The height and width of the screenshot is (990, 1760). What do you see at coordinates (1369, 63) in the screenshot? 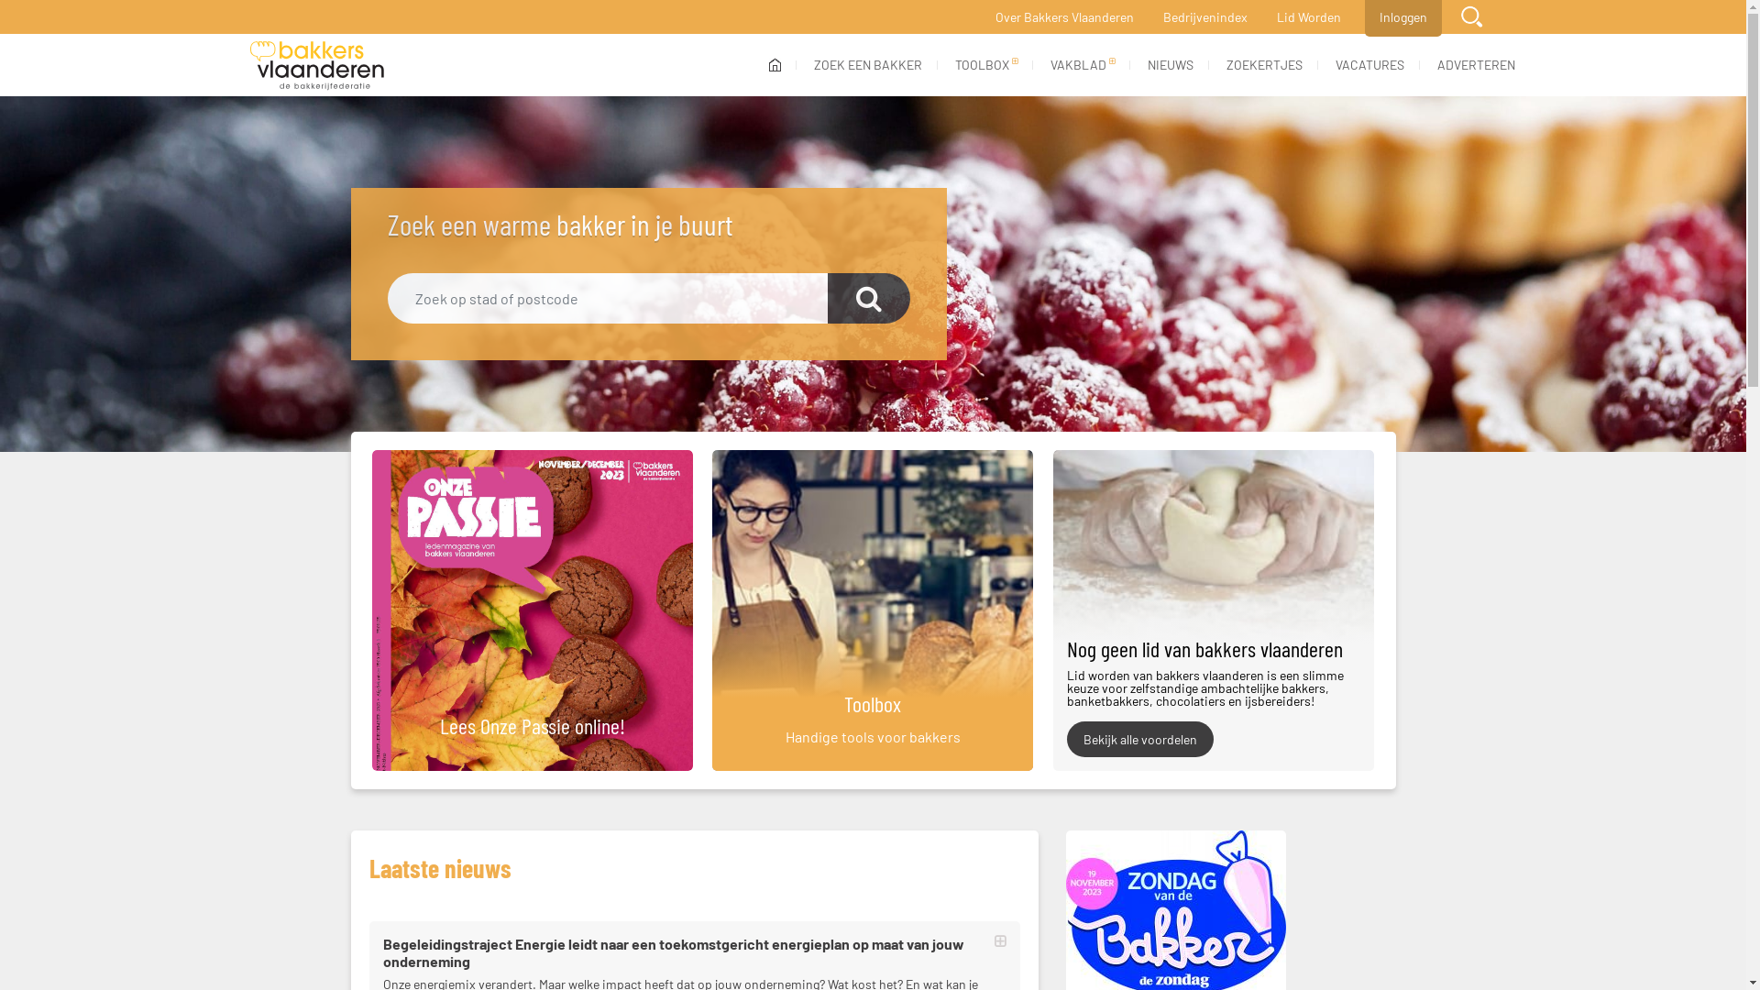
I see `'VACATURES'` at bounding box center [1369, 63].